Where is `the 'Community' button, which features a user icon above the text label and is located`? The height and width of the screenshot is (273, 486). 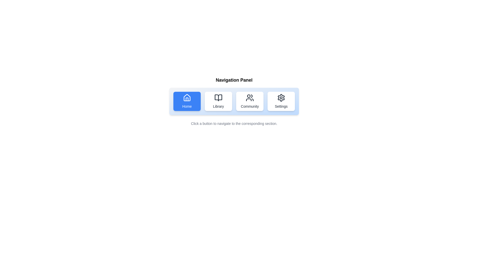 the 'Community' button, which features a user icon above the text label and is located is located at coordinates (250, 101).